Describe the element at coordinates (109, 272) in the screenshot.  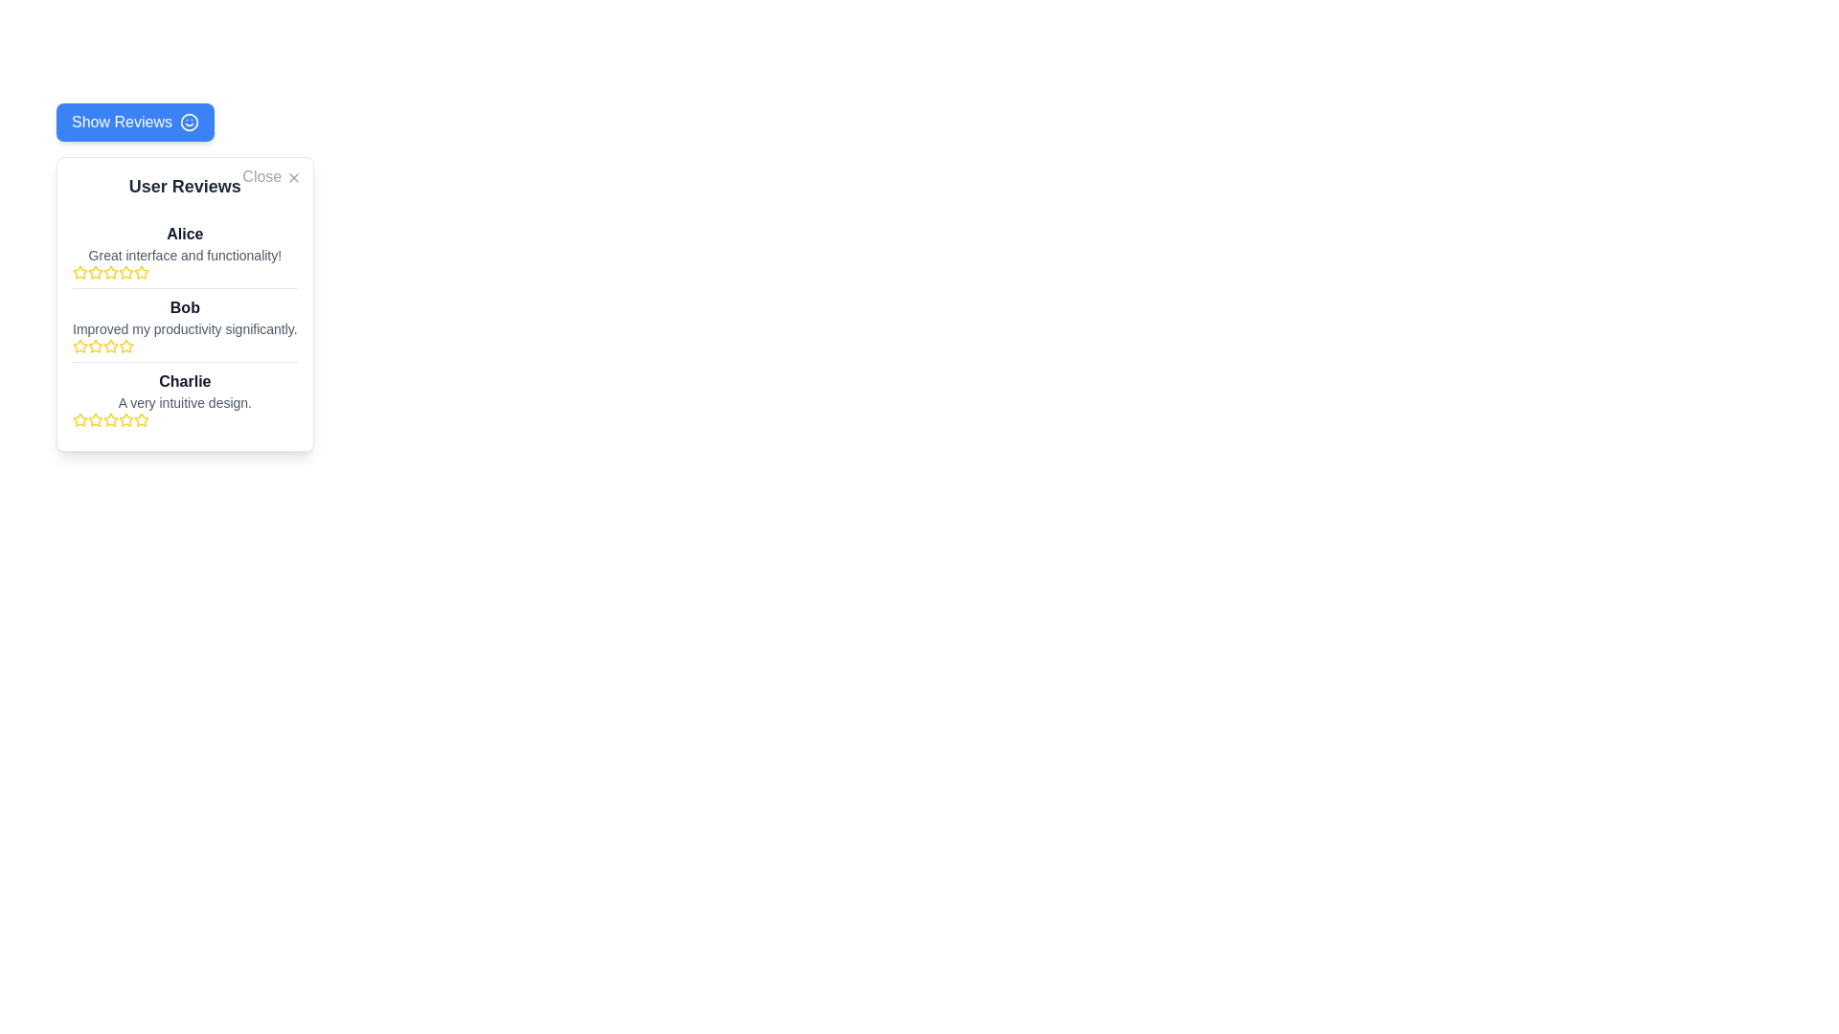
I see `the second yellow star icon in the 5-star rating component under the user 'Alice'` at that location.